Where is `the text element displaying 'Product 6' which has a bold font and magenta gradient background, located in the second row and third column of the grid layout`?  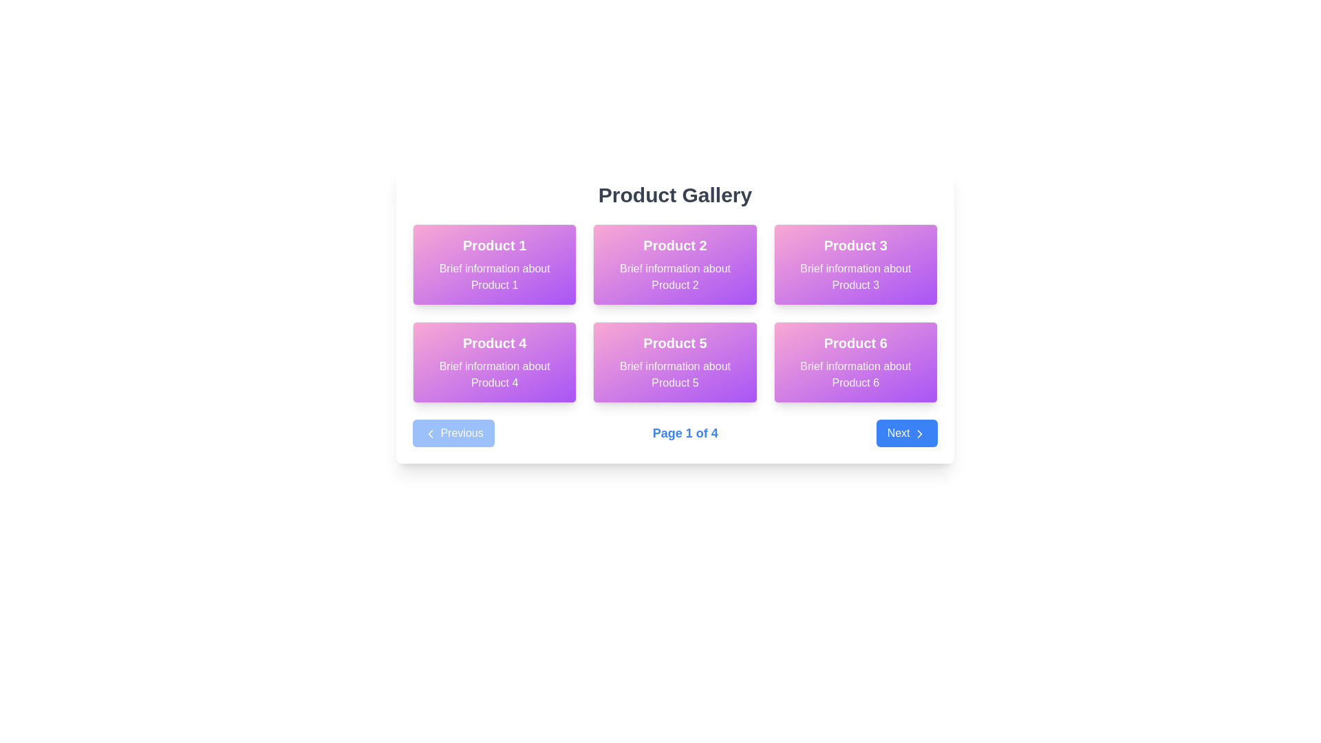 the text element displaying 'Product 6' which has a bold font and magenta gradient background, located in the second row and third column of the grid layout is located at coordinates (855, 342).